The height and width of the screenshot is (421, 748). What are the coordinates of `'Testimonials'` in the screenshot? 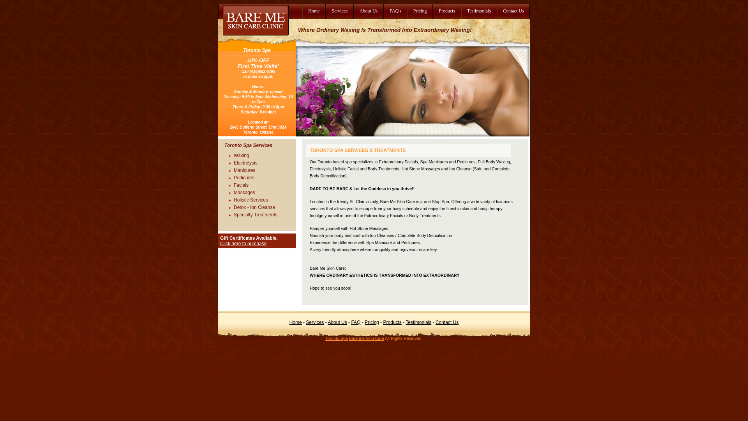 It's located at (418, 322).